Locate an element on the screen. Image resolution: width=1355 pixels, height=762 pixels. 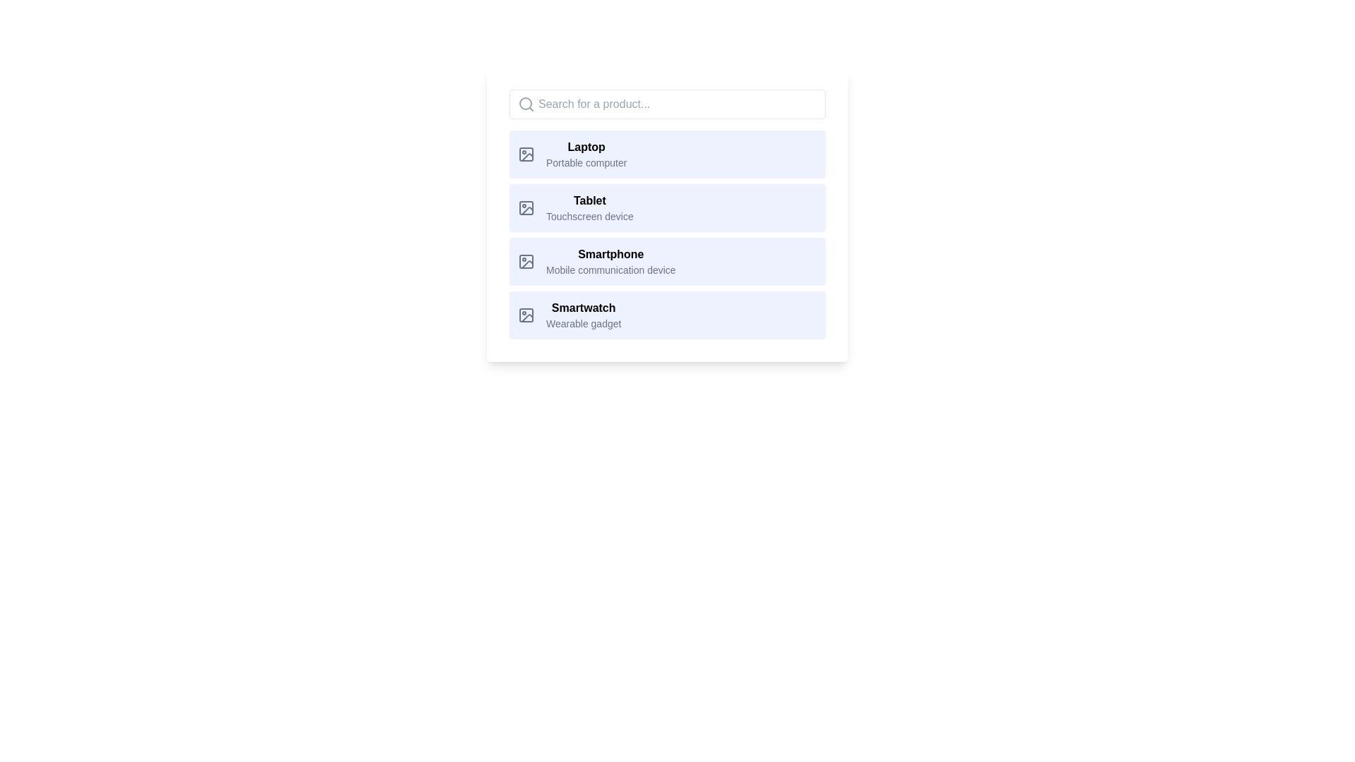
the second item in the vertical list that represents the 'Tablet' category is located at coordinates (666, 207).